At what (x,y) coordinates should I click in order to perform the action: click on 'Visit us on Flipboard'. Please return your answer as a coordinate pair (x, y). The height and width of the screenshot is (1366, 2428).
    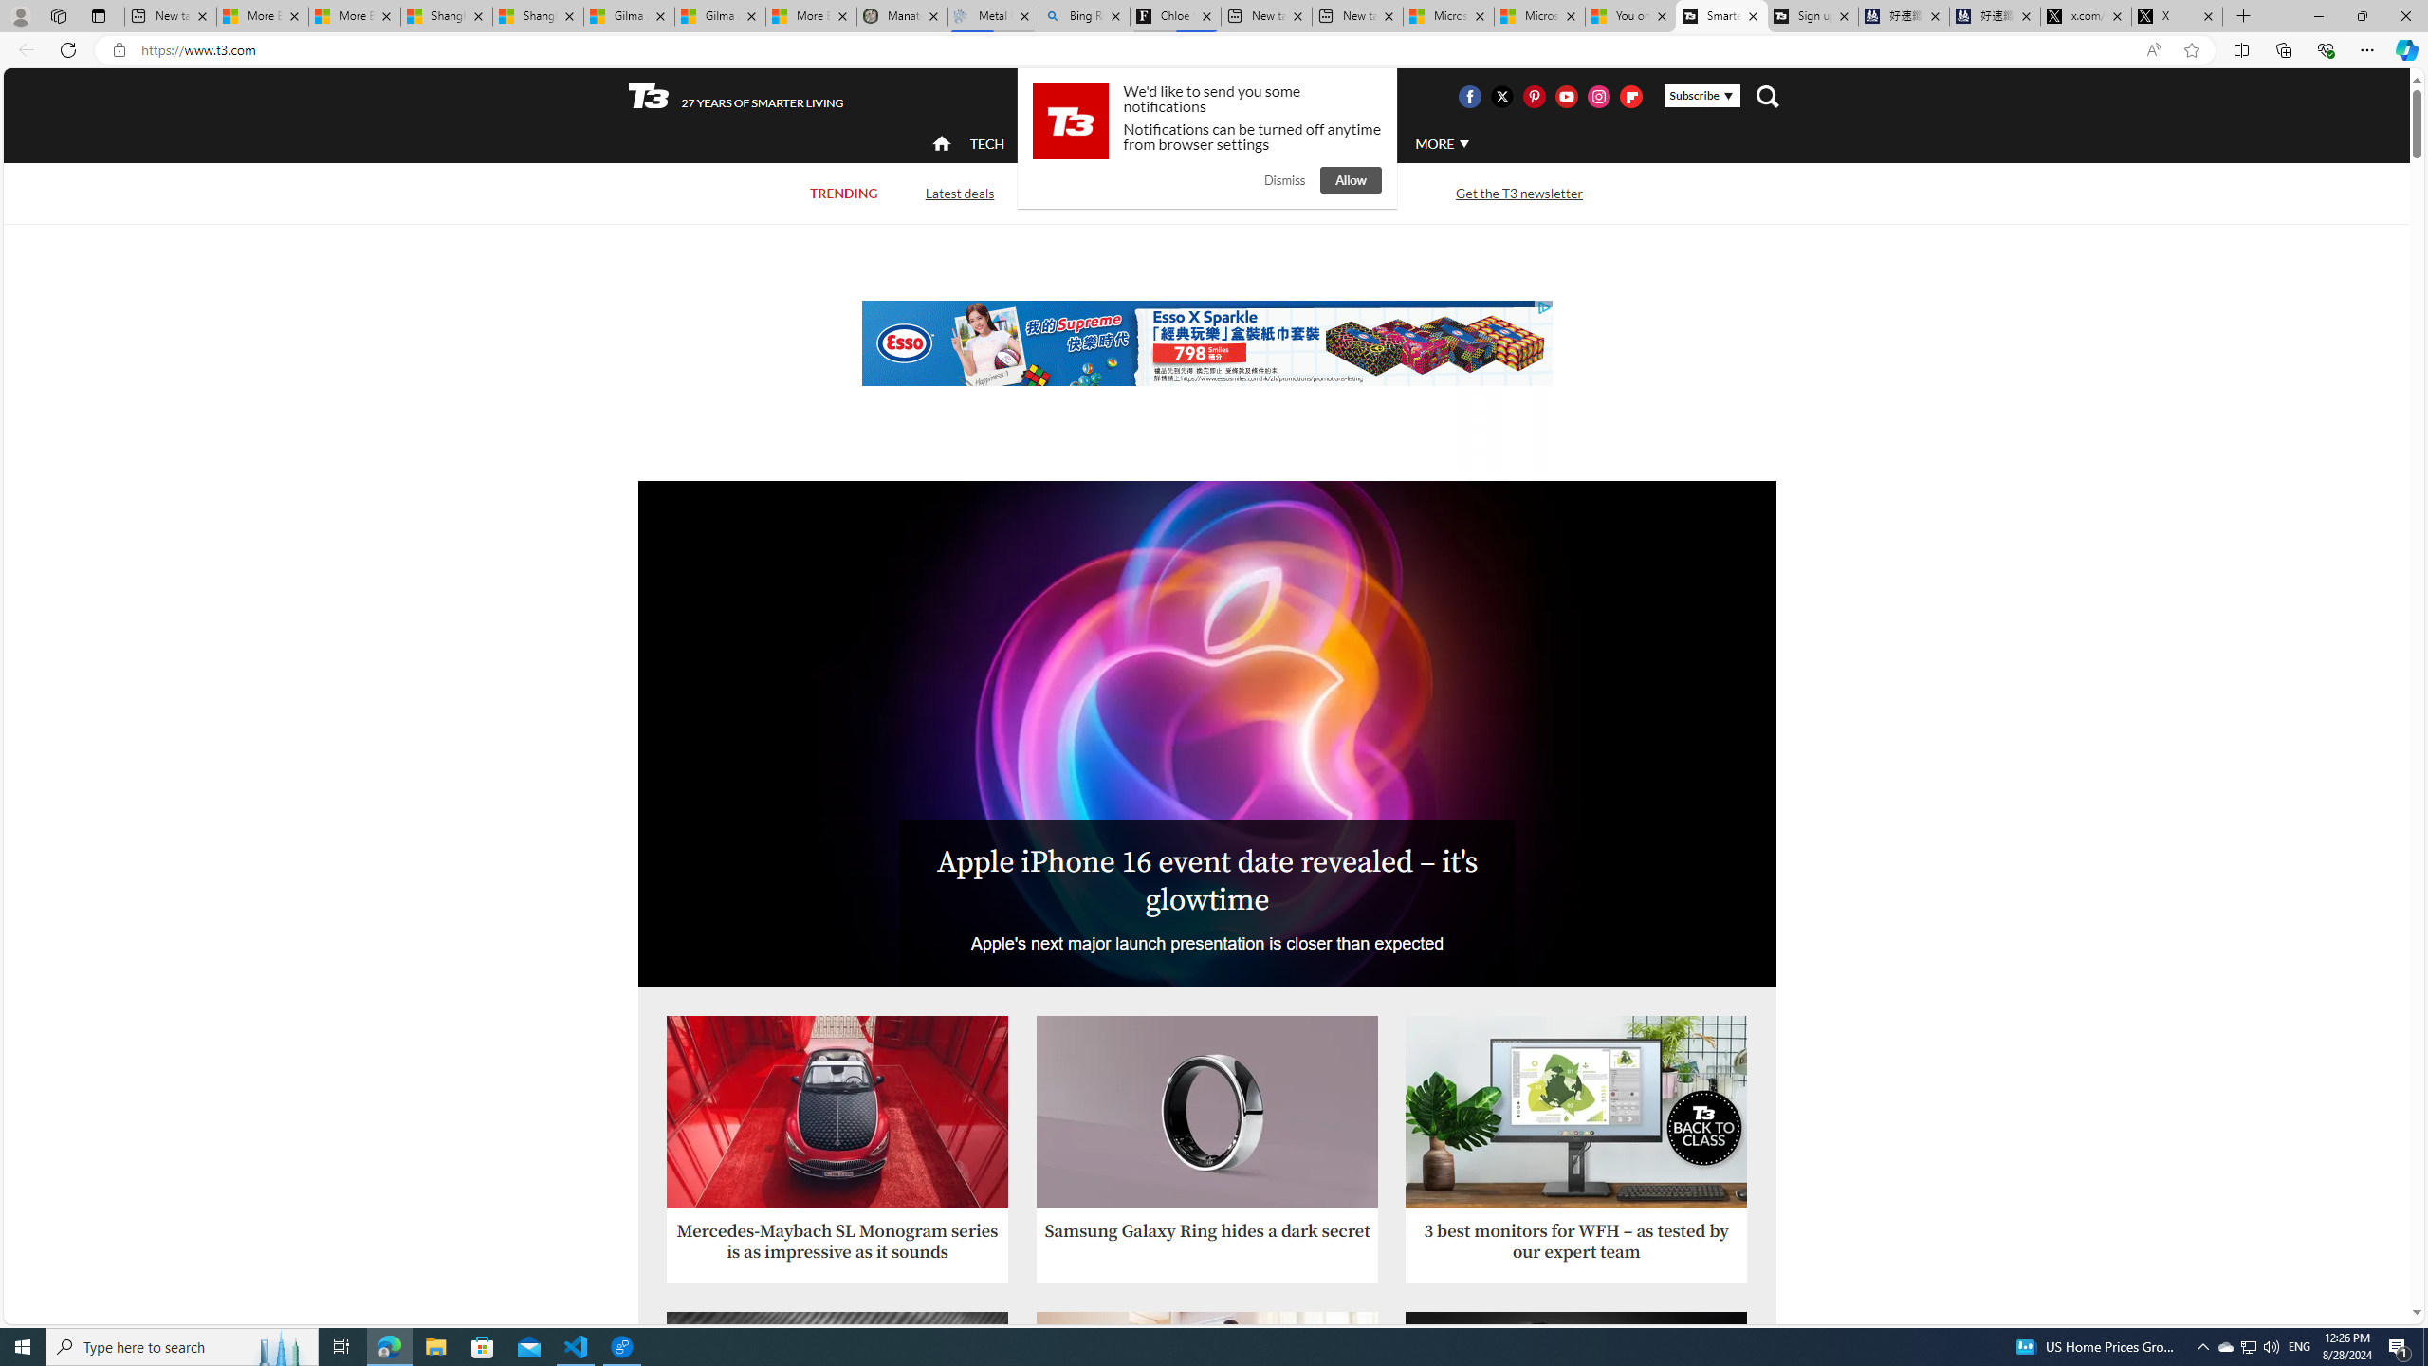
    Looking at the image, I should click on (1631, 95).